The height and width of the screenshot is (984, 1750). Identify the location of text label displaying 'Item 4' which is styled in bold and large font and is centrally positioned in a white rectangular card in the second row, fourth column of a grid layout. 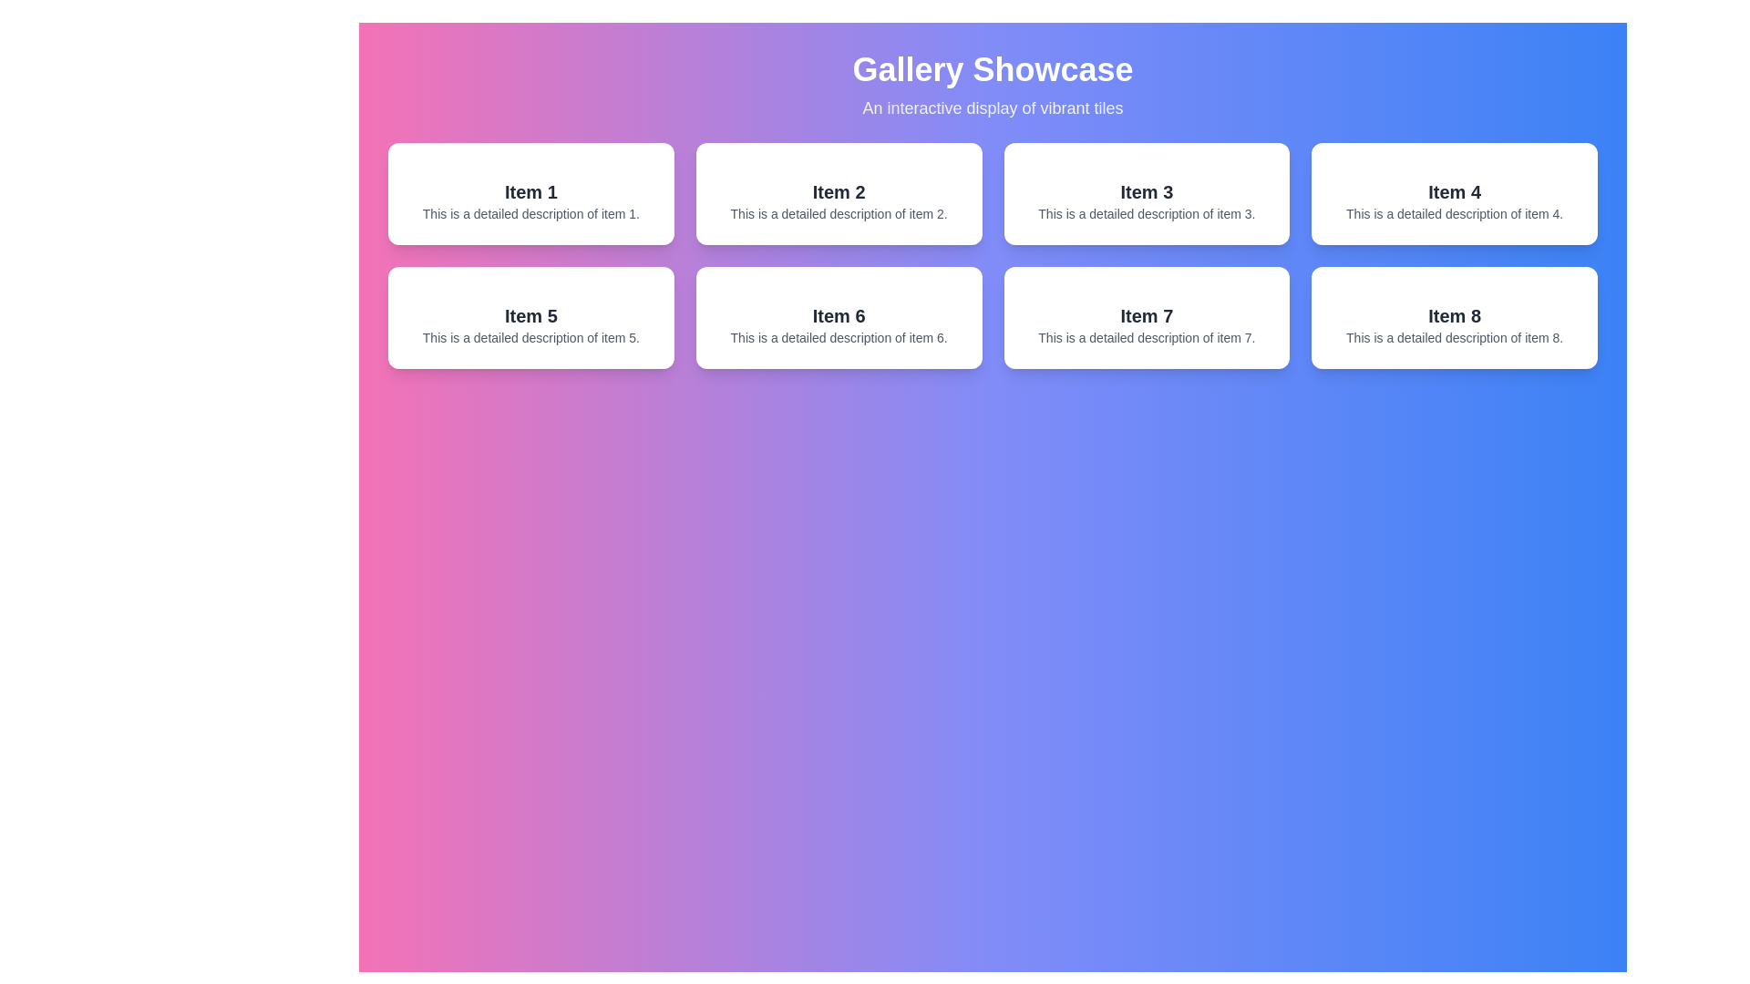
(1454, 192).